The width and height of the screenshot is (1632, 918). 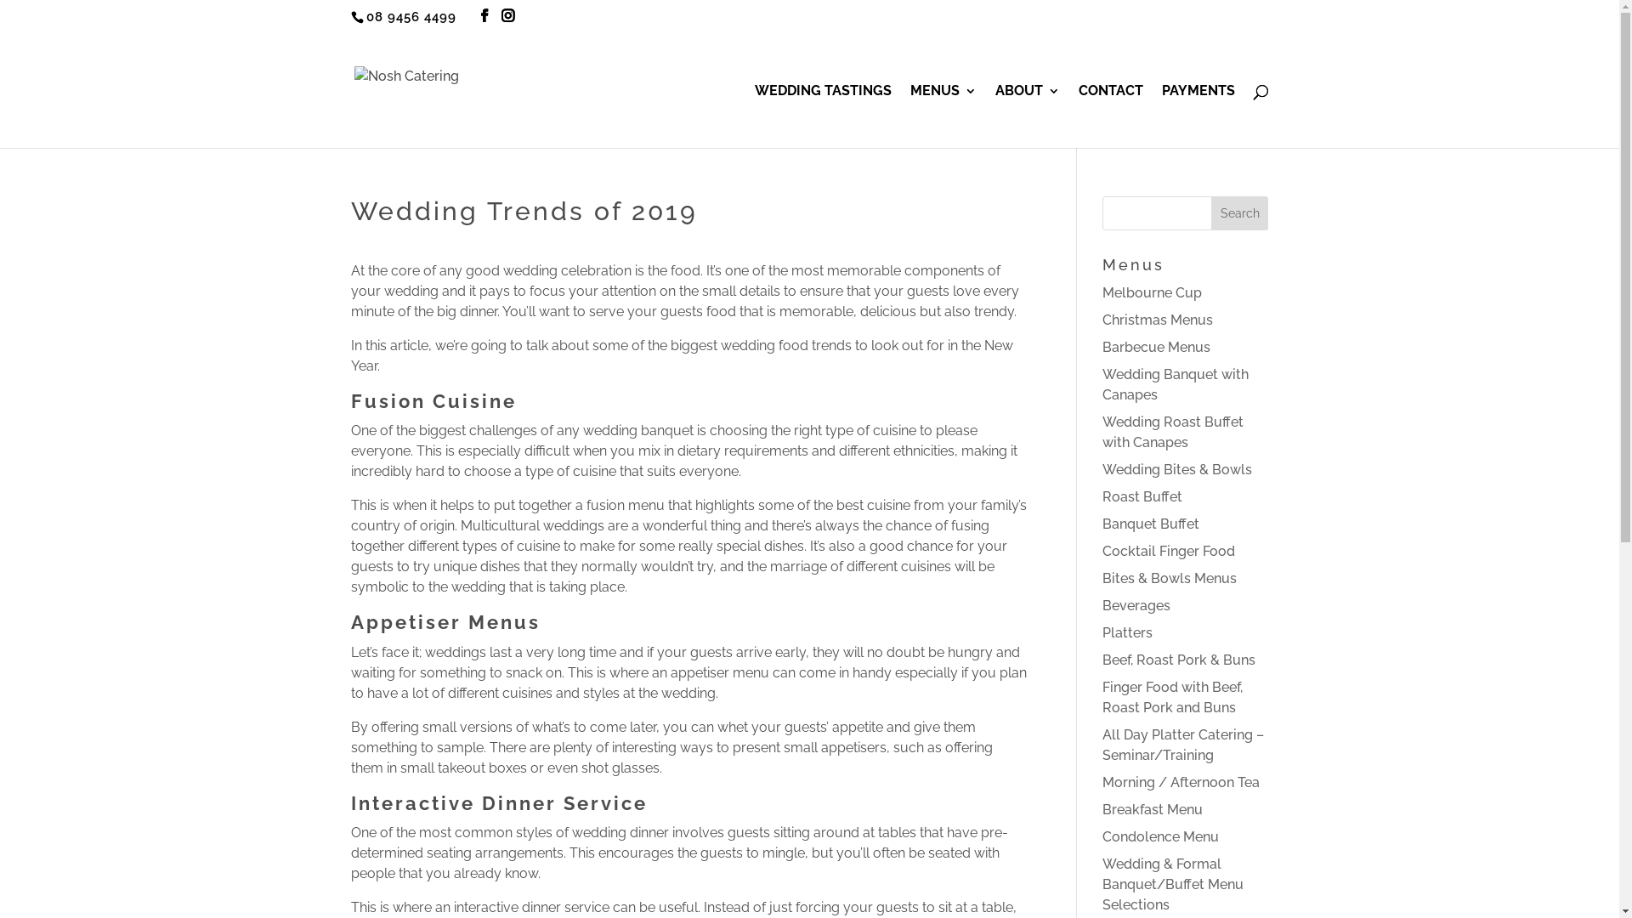 What do you see at coordinates (1142, 496) in the screenshot?
I see `'Roast Buffet'` at bounding box center [1142, 496].